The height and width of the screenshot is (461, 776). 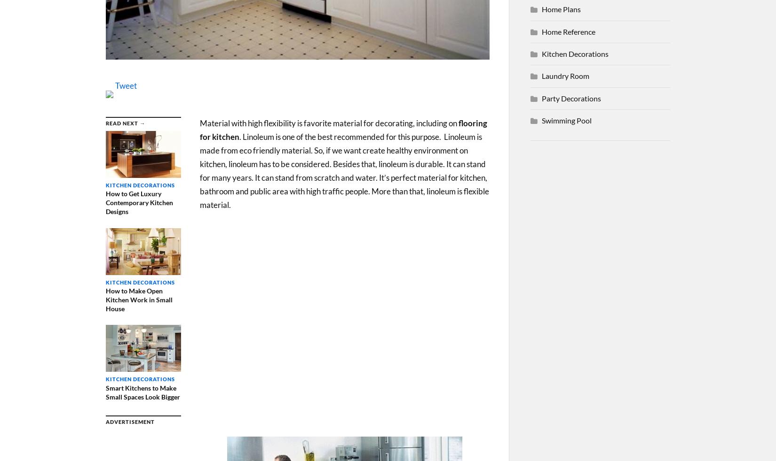 I want to click on 'Party Decorations', so click(x=571, y=97).